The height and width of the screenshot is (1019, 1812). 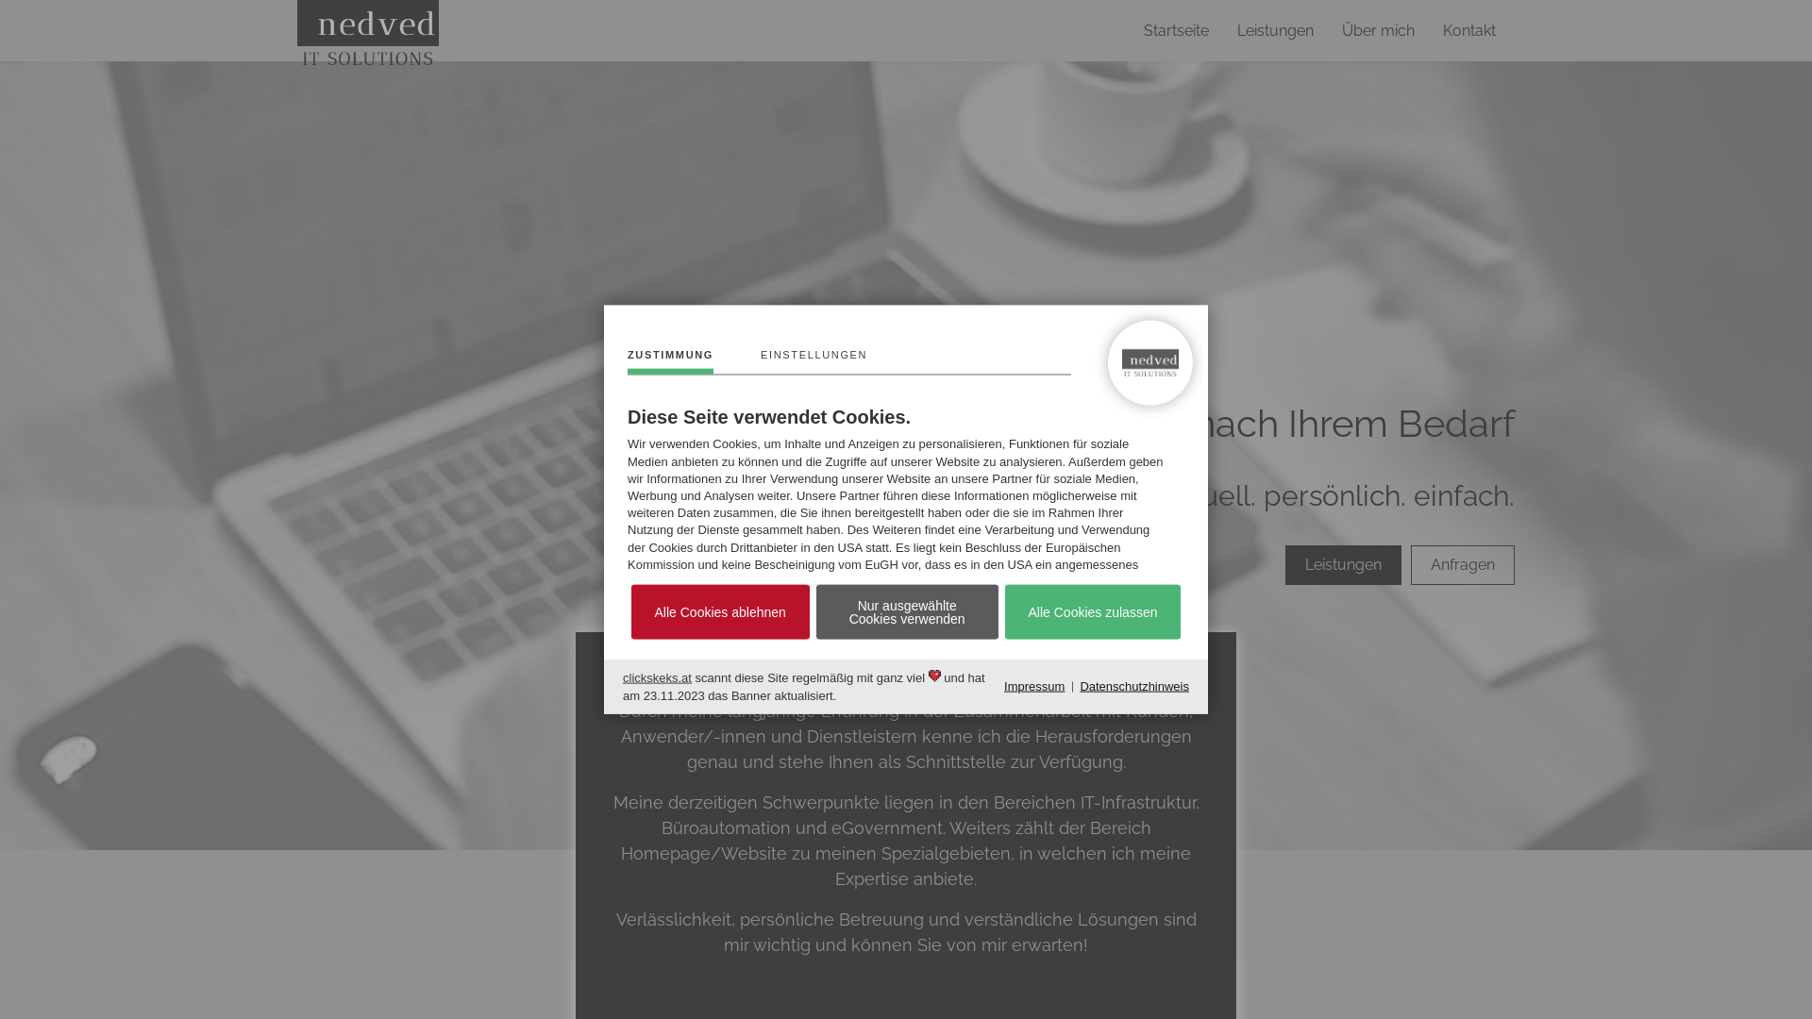 What do you see at coordinates (1342, 563) in the screenshot?
I see `'Leistungen'` at bounding box center [1342, 563].